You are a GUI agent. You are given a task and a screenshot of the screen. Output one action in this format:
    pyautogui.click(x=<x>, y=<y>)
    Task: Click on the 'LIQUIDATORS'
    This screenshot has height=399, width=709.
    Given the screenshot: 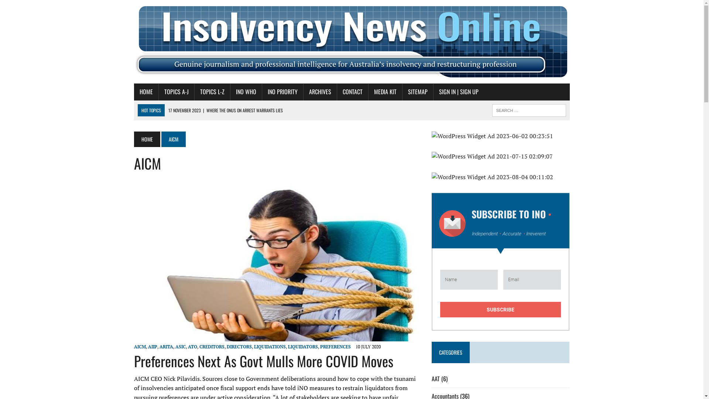 What is the action you would take?
    pyautogui.click(x=303, y=347)
    